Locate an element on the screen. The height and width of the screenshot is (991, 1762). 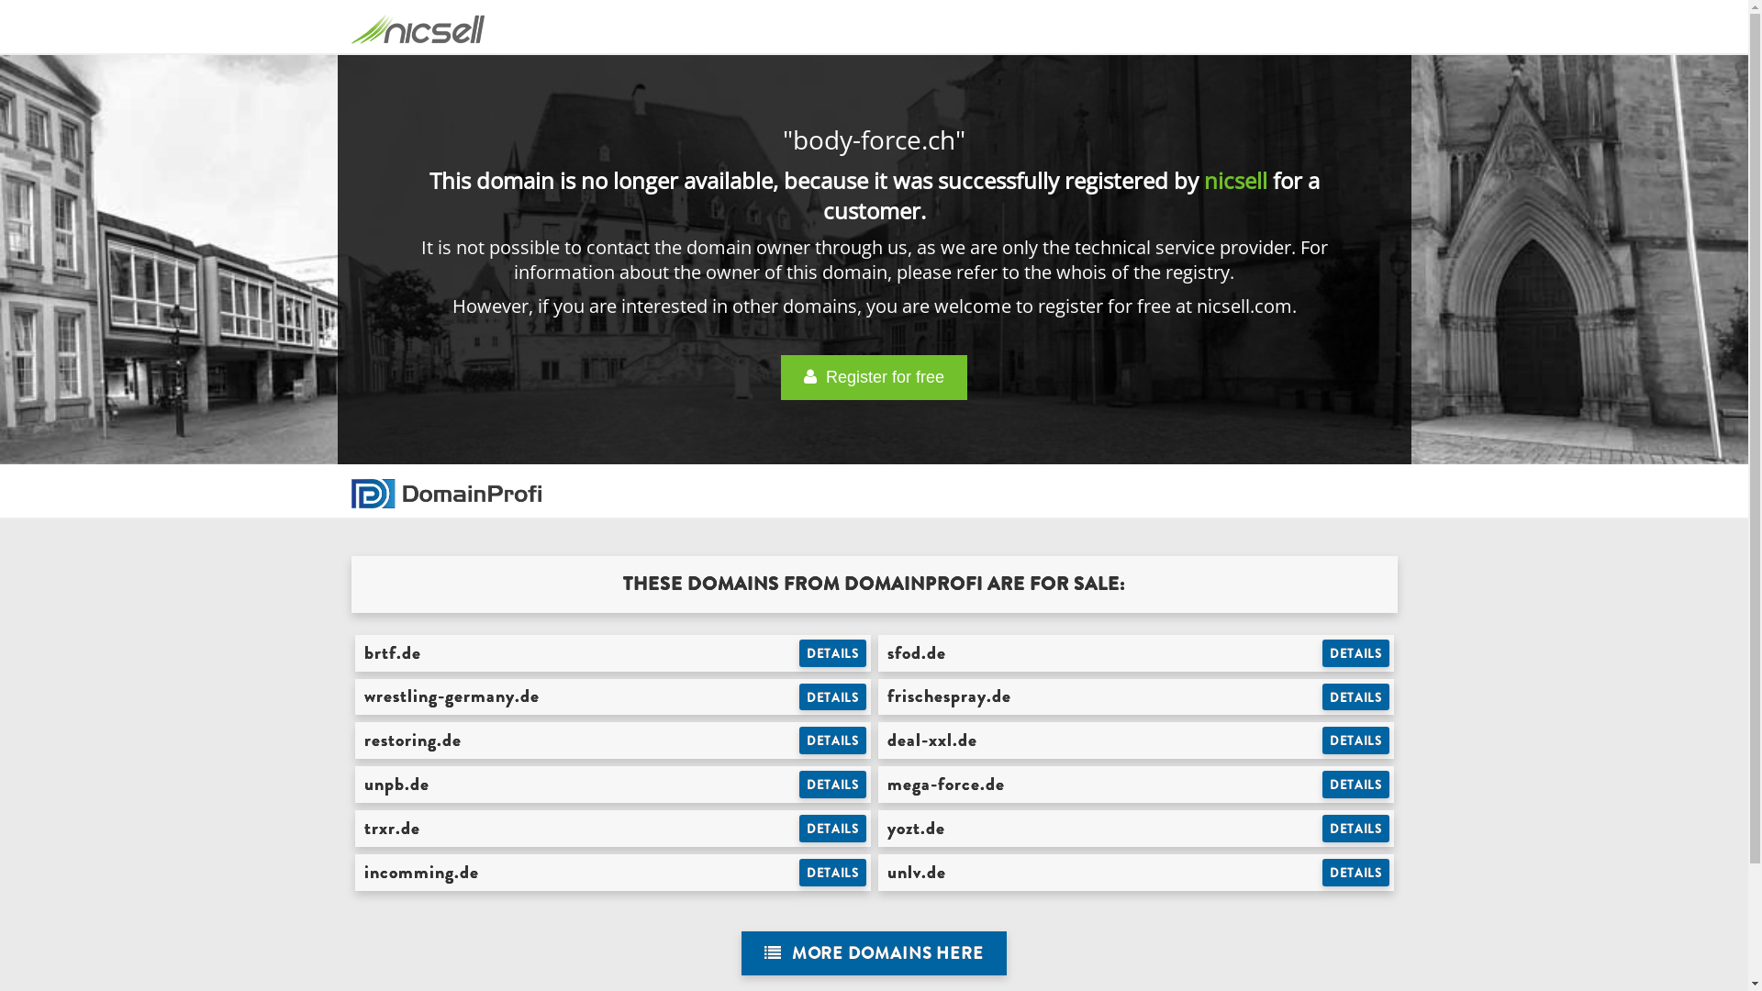
'DETAILS' is located at coordinates (1355, 652).